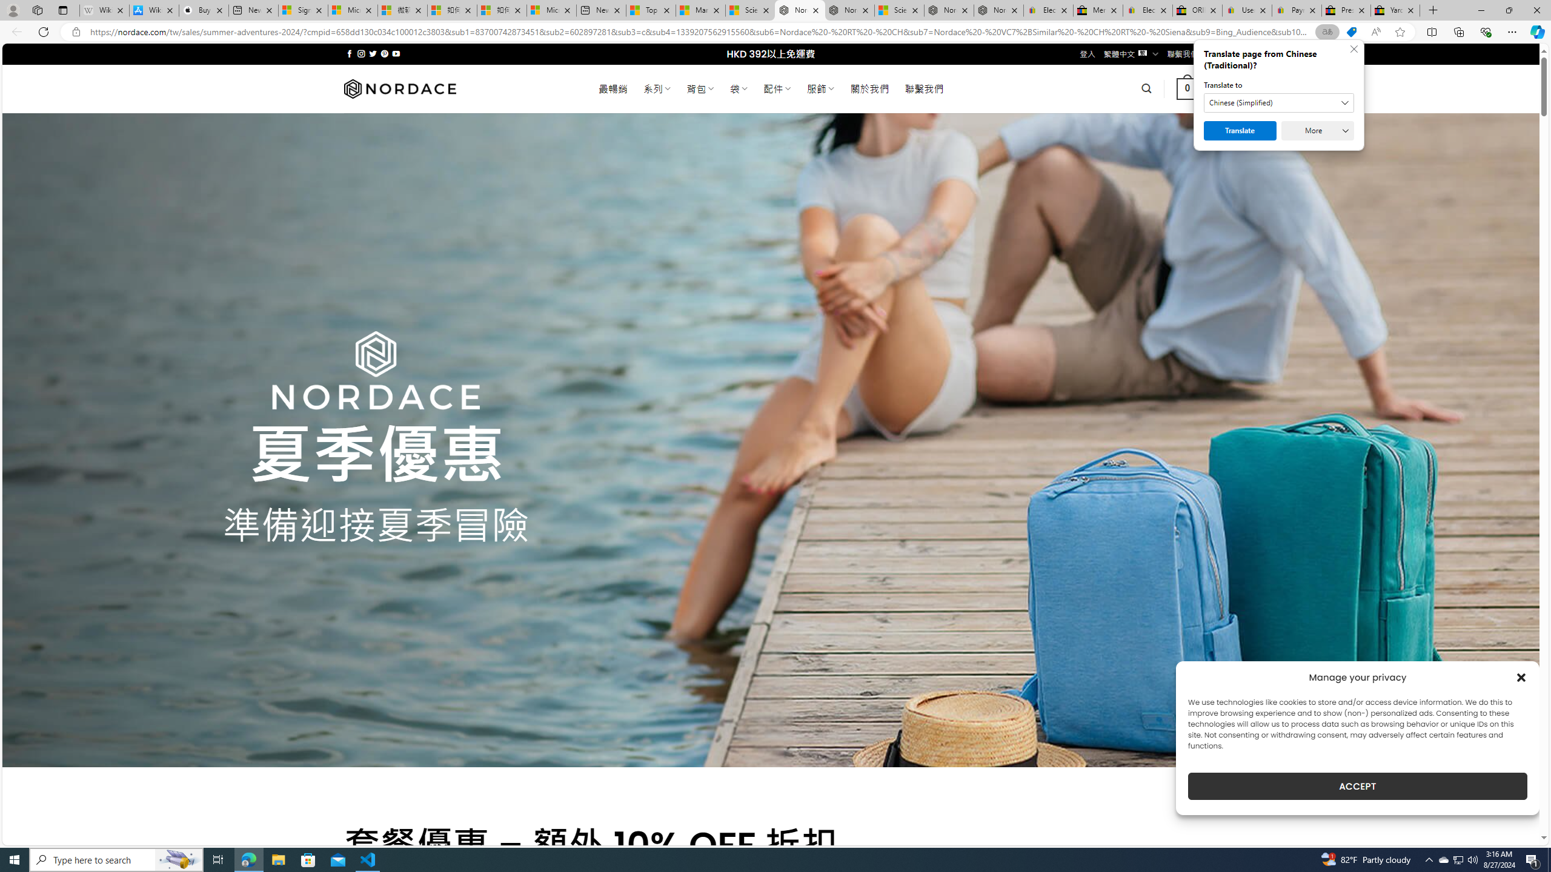  I want to click on 'Close', so click(1536, 10).